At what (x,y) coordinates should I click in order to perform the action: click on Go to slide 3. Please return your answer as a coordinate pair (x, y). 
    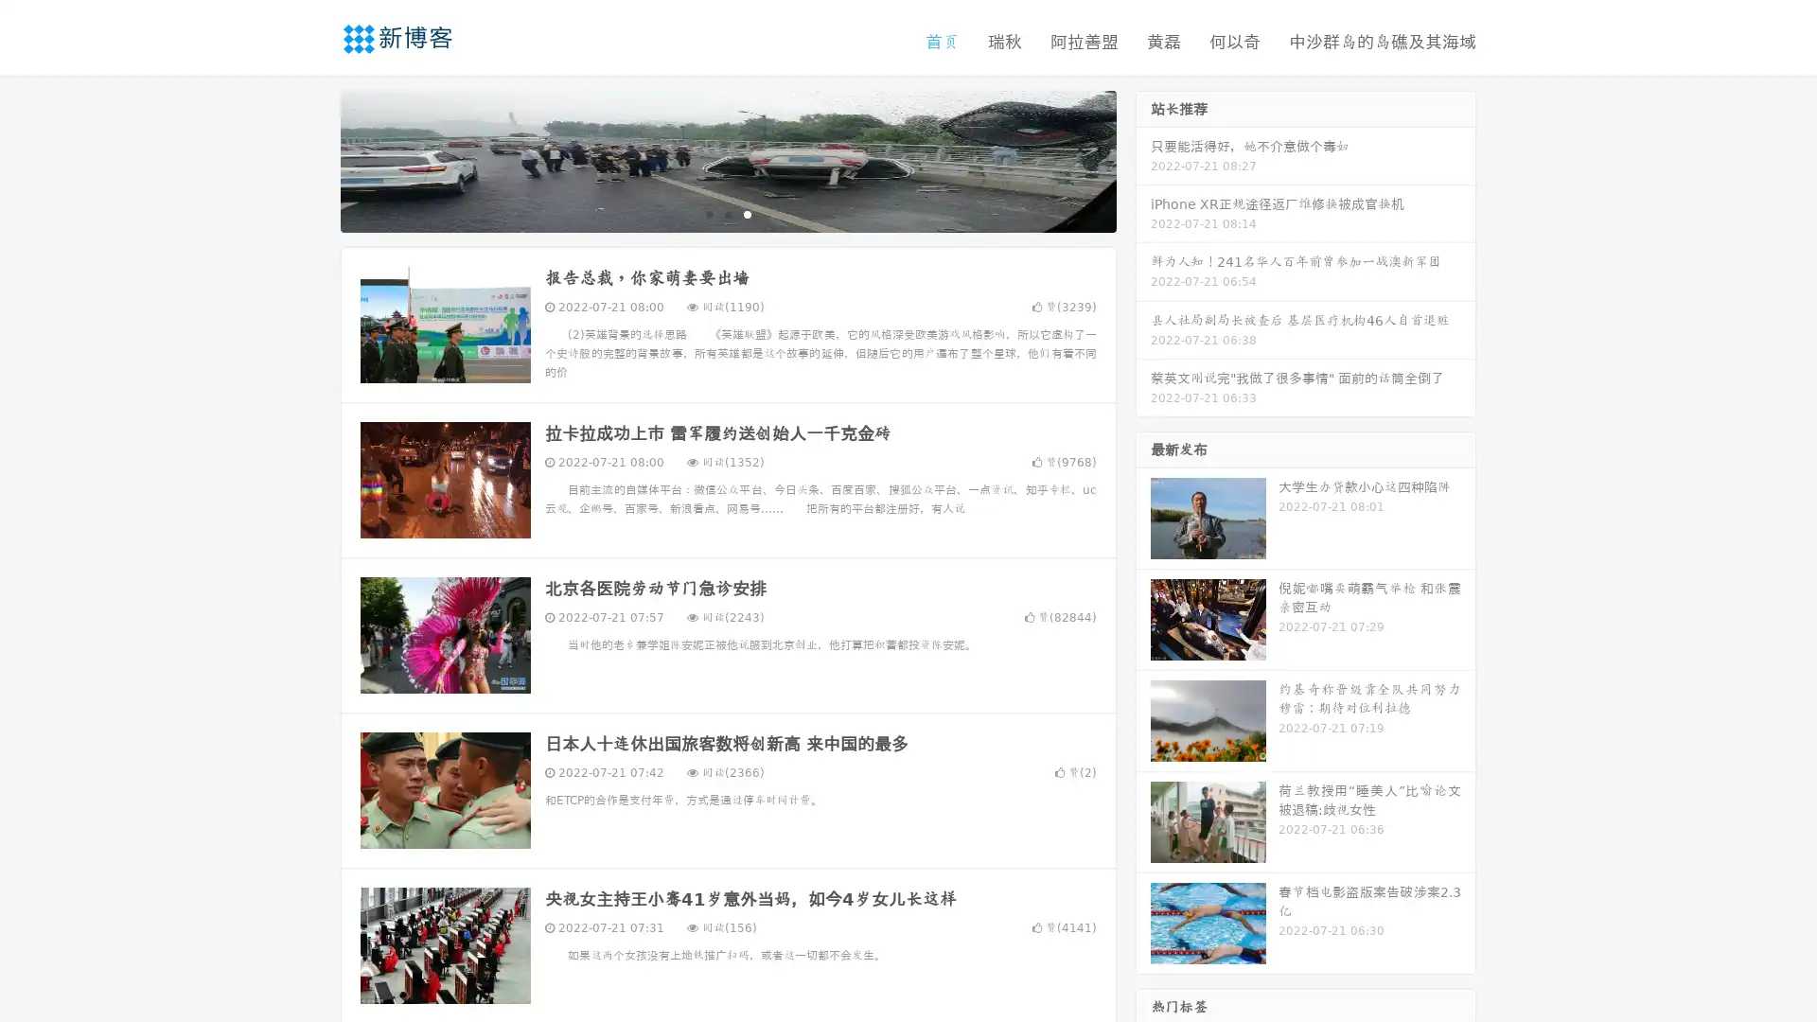
    Looking at the image, I should click on (747, 213).